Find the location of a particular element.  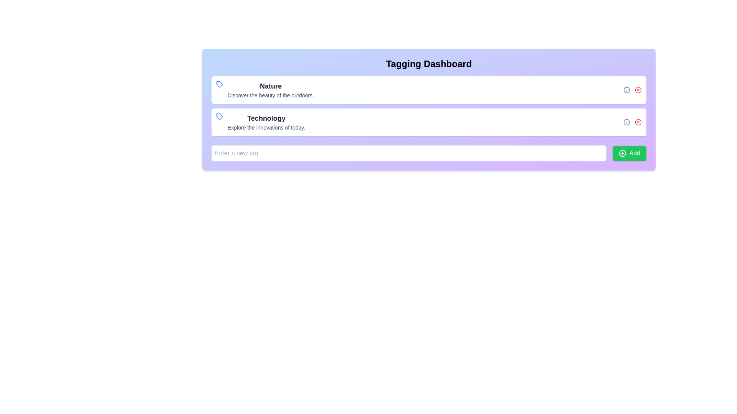

the descriptive text element displaying 'Explore the innovations of today.' which is located directly beneath the header title 'Technology' is located at coordinates (266, 127).